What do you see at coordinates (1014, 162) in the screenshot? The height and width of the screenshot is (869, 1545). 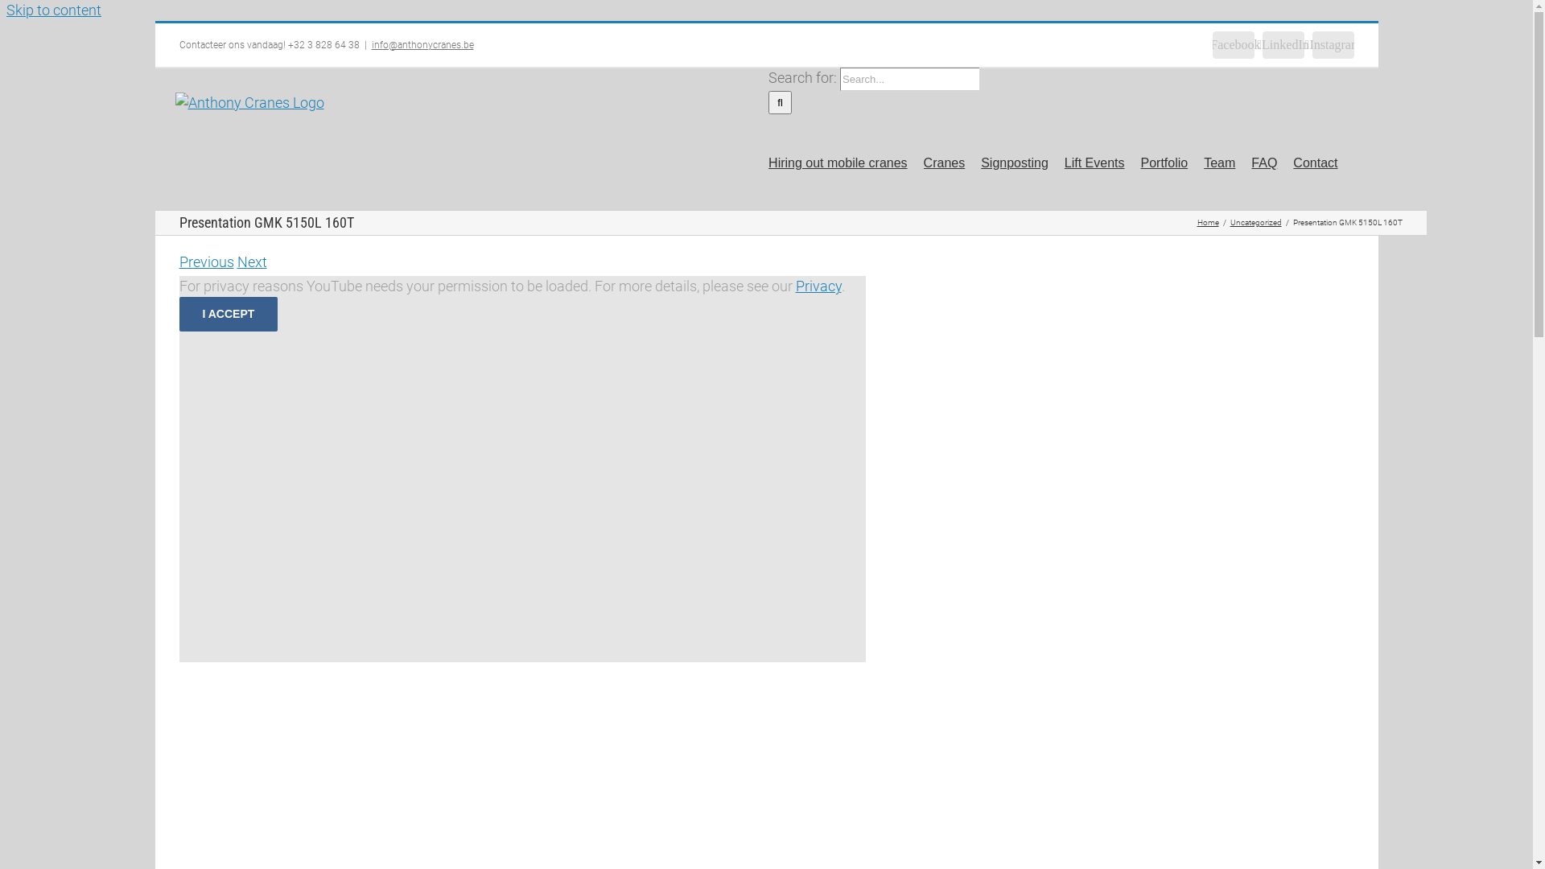 I see `'Signposting'` at bounding box center [1014, 162].